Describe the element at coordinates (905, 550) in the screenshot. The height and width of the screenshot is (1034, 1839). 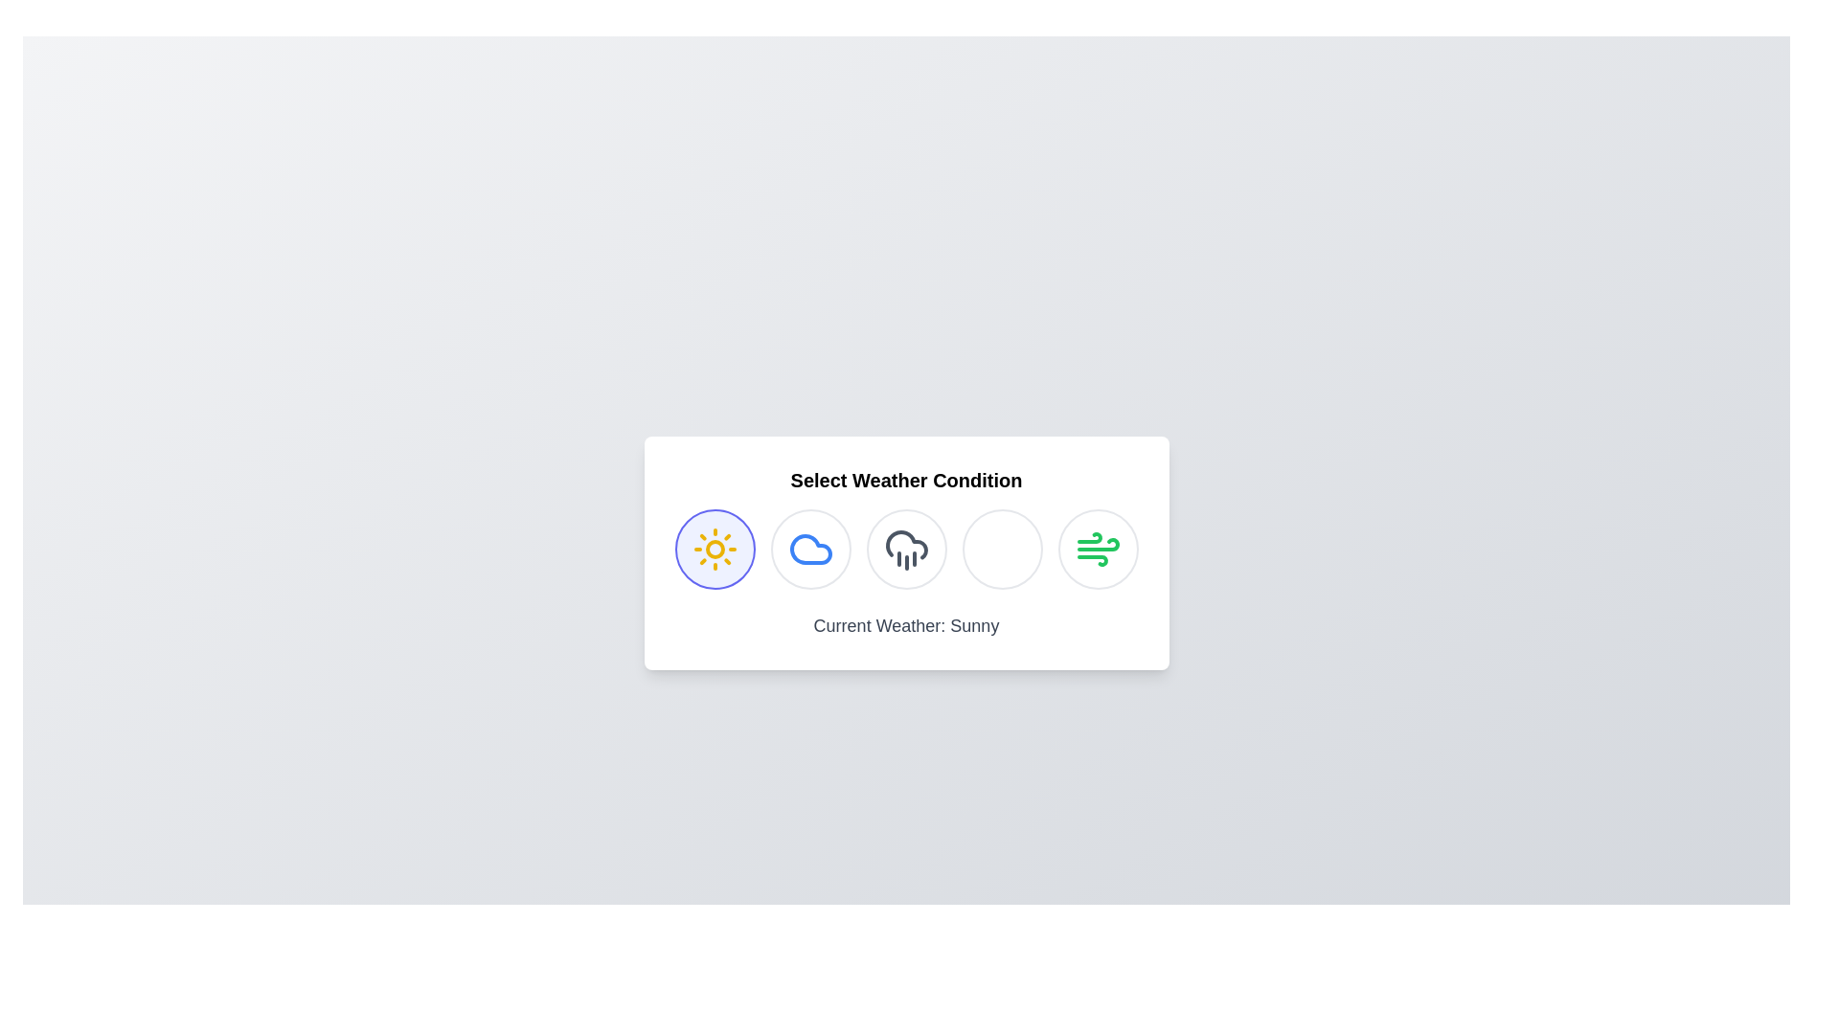
I see `the 'Rain' weather condition SVG icon, which is the third icon from the left in the horizontal arrangement of weather icons` at that location.